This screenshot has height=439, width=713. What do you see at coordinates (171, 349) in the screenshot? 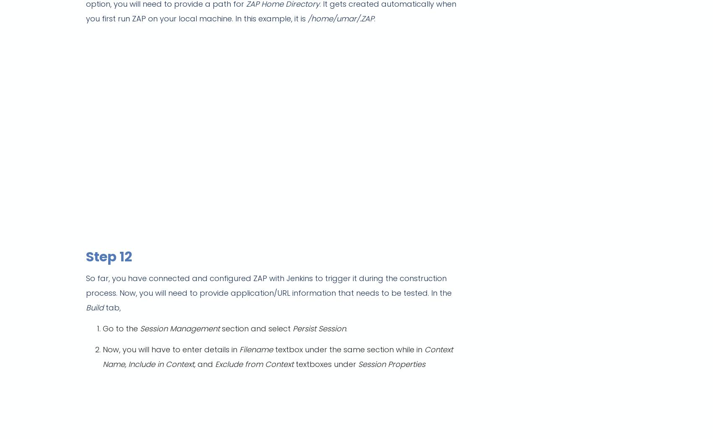
I see `'Now, you will have to enter details in'` at bounding box center [171, 349].